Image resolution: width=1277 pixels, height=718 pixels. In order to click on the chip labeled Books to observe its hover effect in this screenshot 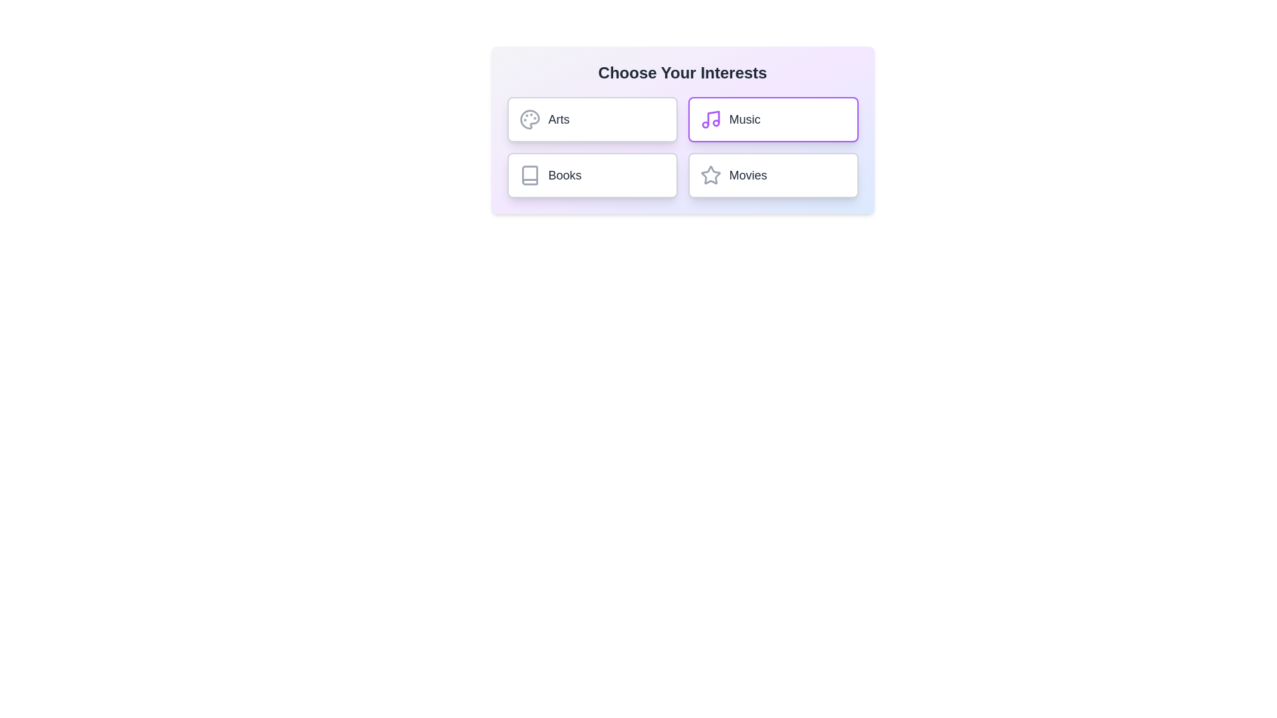, I will do `click(591, 174)`.